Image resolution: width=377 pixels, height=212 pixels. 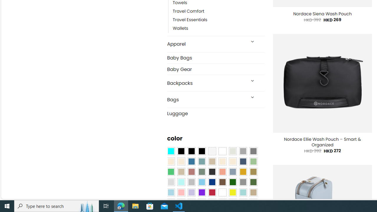 What do you see at coordinates (181, 182) in the screenshot?
I see `'Mint'` at bounding box center [181, 182].